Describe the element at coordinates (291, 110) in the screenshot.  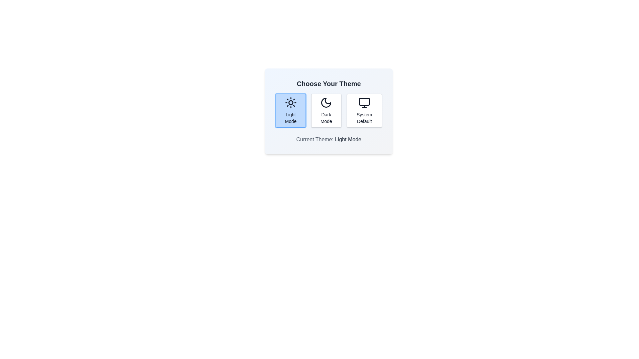
I see `the button corresponding to the theme Light Mode` at that location.